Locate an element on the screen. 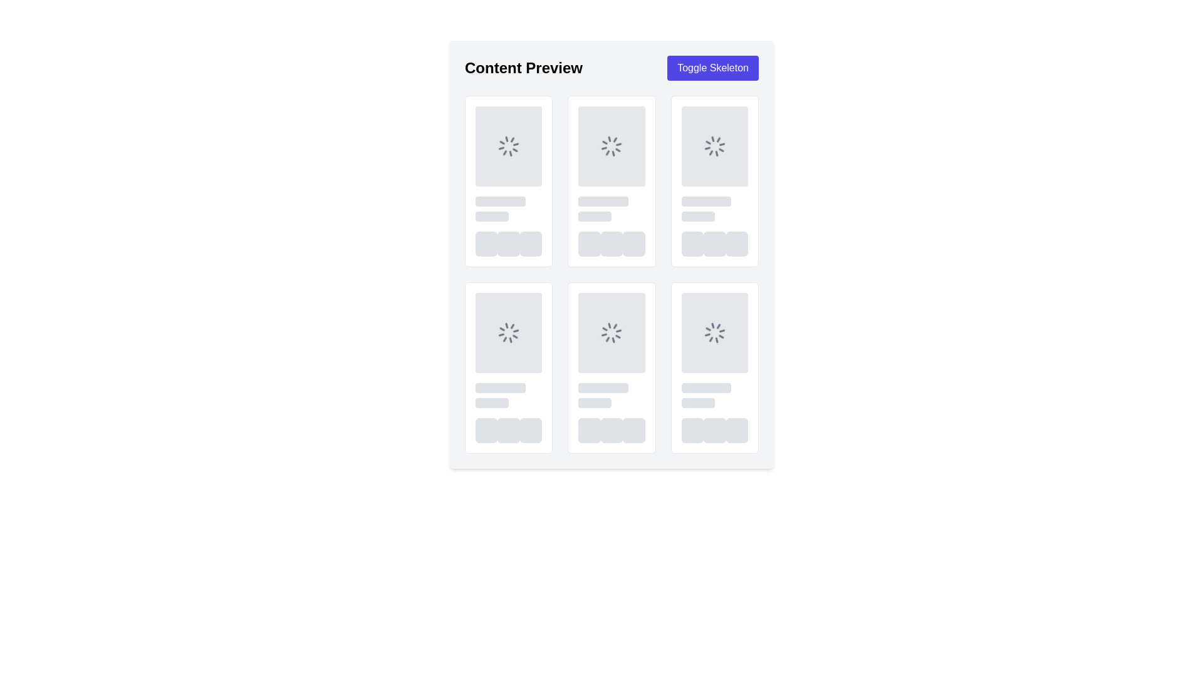 The image size is (1203, 676). the spinner icon indicating a loading state, located in the middle column of the top row of the grid layout is located at coordinates (612, 146).